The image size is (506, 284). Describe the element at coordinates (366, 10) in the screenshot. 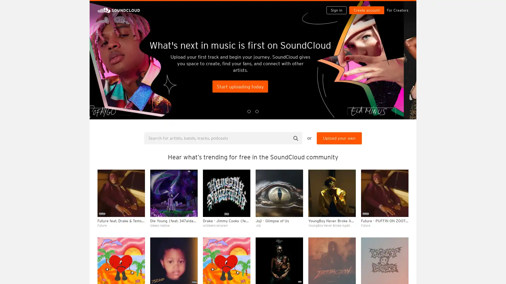

I see `Create a SoundCloud account` at that location.